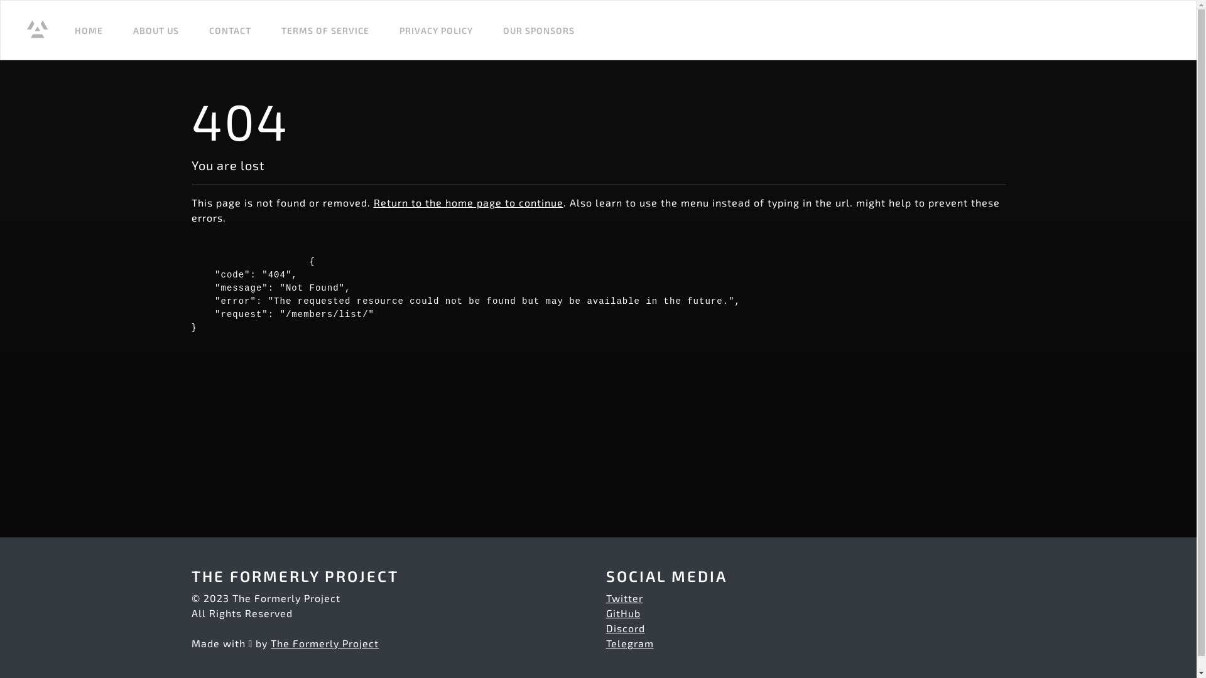 Image resolution: width=1206 pixels, height=678 pixels. Describe the element at coordinates (624, 597) in the screenshot. I see `'Twitter'` at that location.